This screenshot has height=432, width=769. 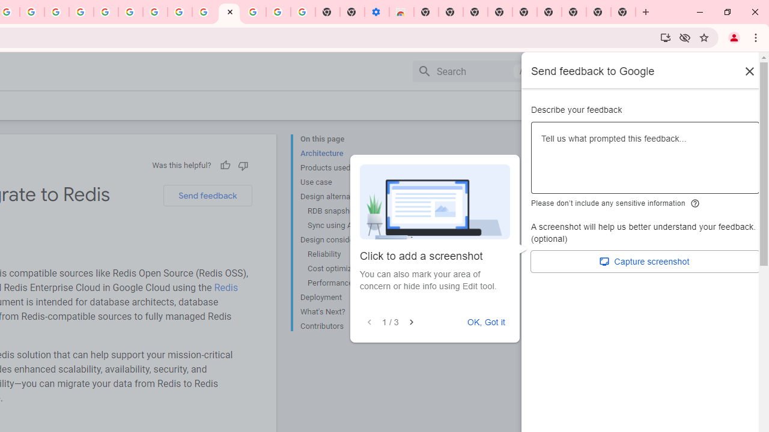 What do you see at coordinates (225, 165) in the screenshot?
I see `'Helpful'` at bounding box center [225, 165].